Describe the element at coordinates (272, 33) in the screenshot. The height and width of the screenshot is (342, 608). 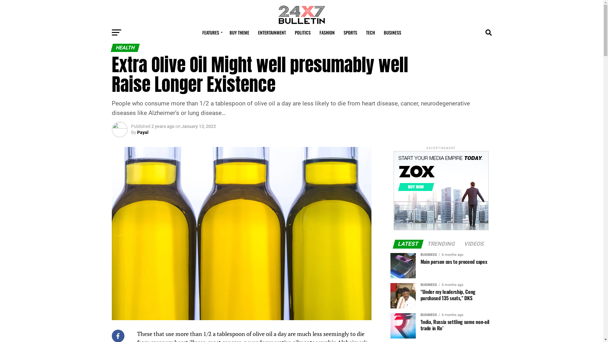
I see `'ENTERTAINMENT'` at that location.